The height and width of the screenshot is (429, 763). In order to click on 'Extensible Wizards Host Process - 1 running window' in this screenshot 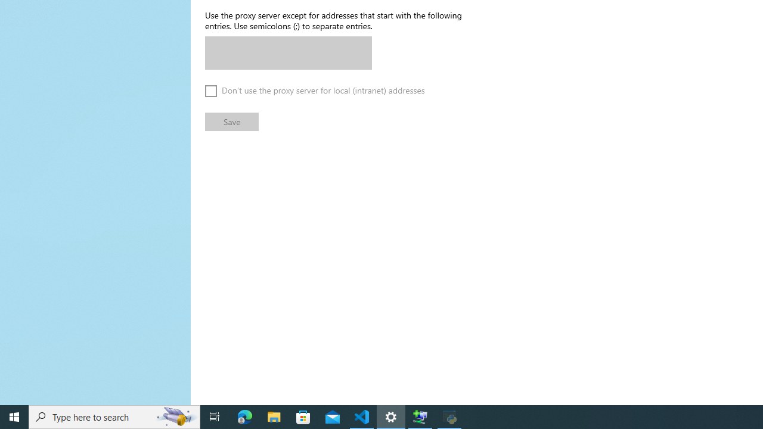, I will do `click(420, 416)`.